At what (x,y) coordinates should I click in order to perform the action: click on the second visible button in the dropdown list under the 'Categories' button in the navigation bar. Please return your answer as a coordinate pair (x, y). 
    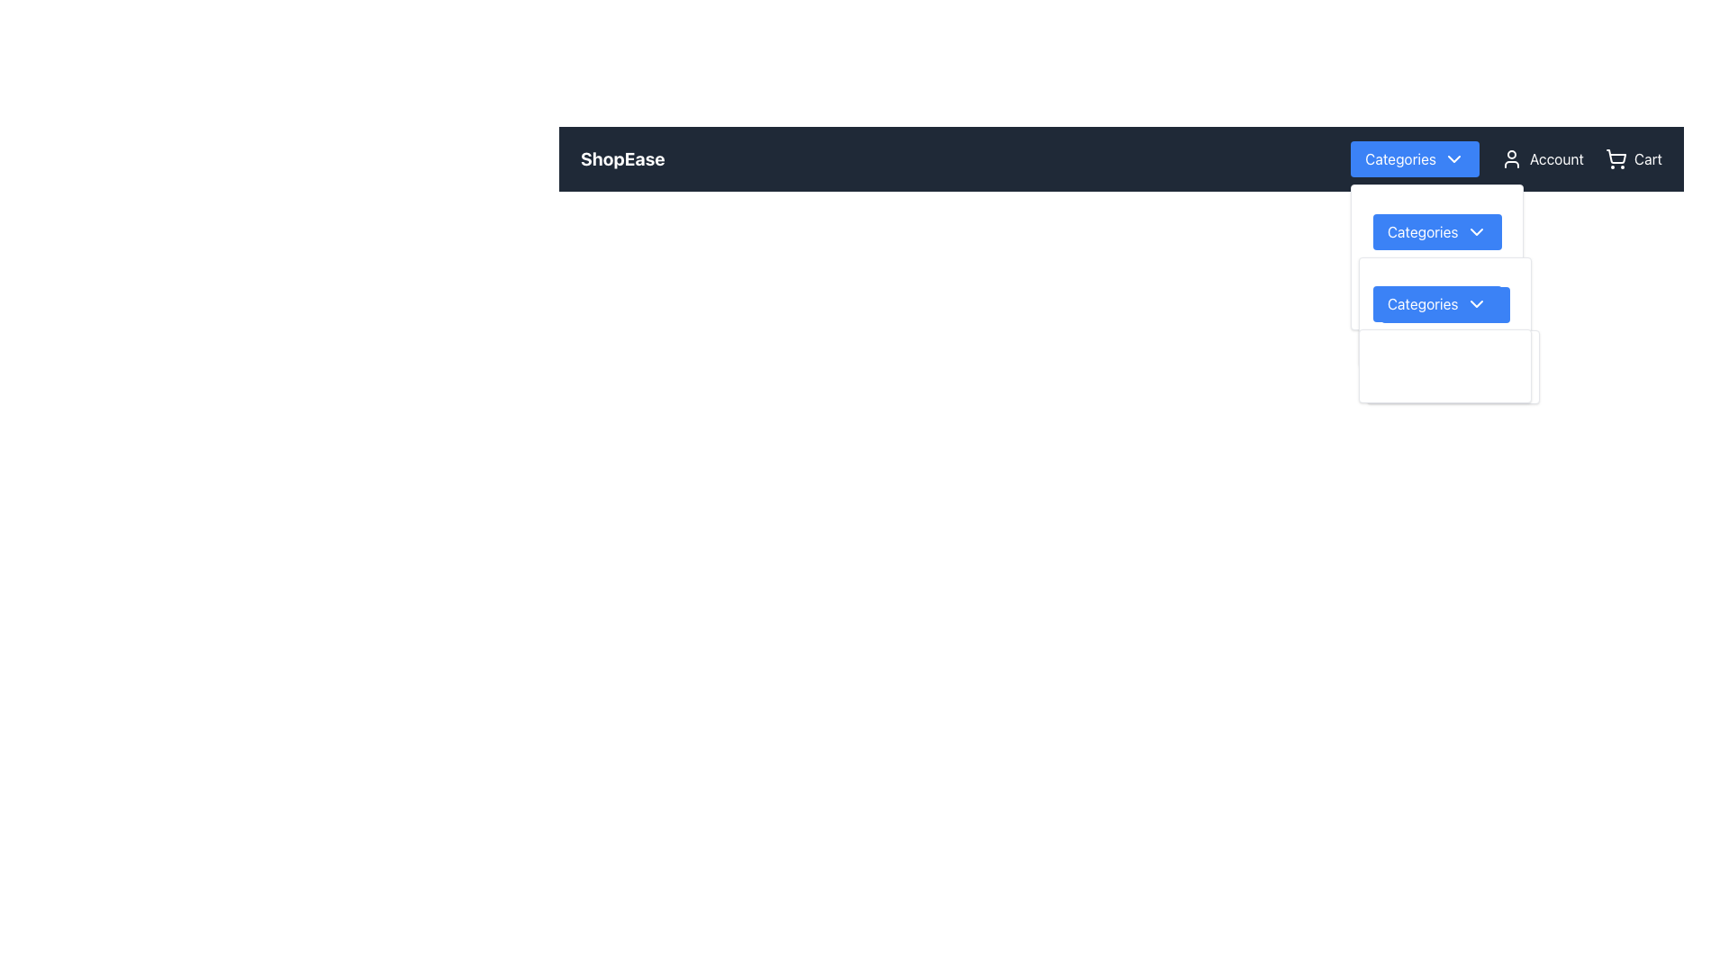
    Looking at the image, I should click on (1436, 231).